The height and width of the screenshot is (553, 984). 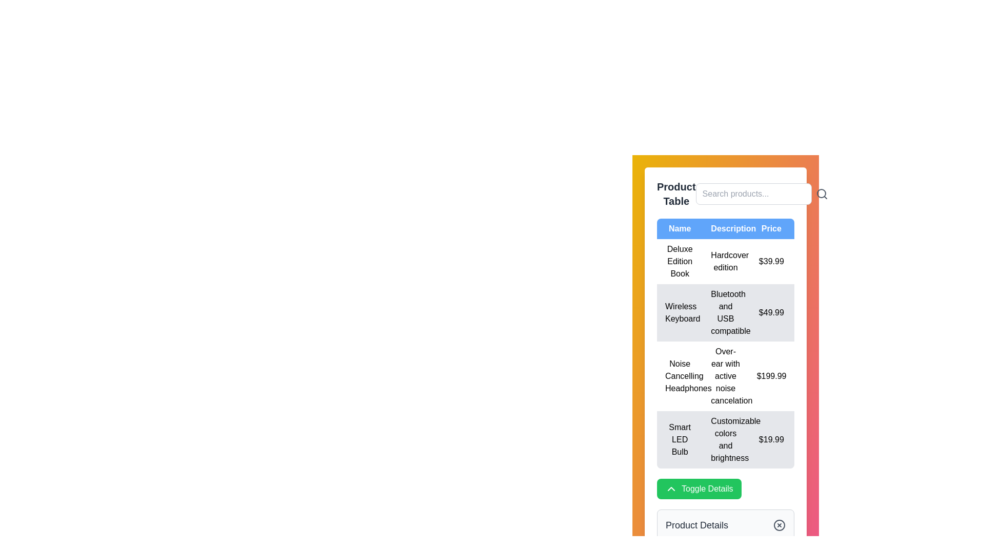 I want to click on the magnifying glass icon, which is styled with a circular shape and located to the far right of the search bar, to initiate a search, so click(x=822, y=194).